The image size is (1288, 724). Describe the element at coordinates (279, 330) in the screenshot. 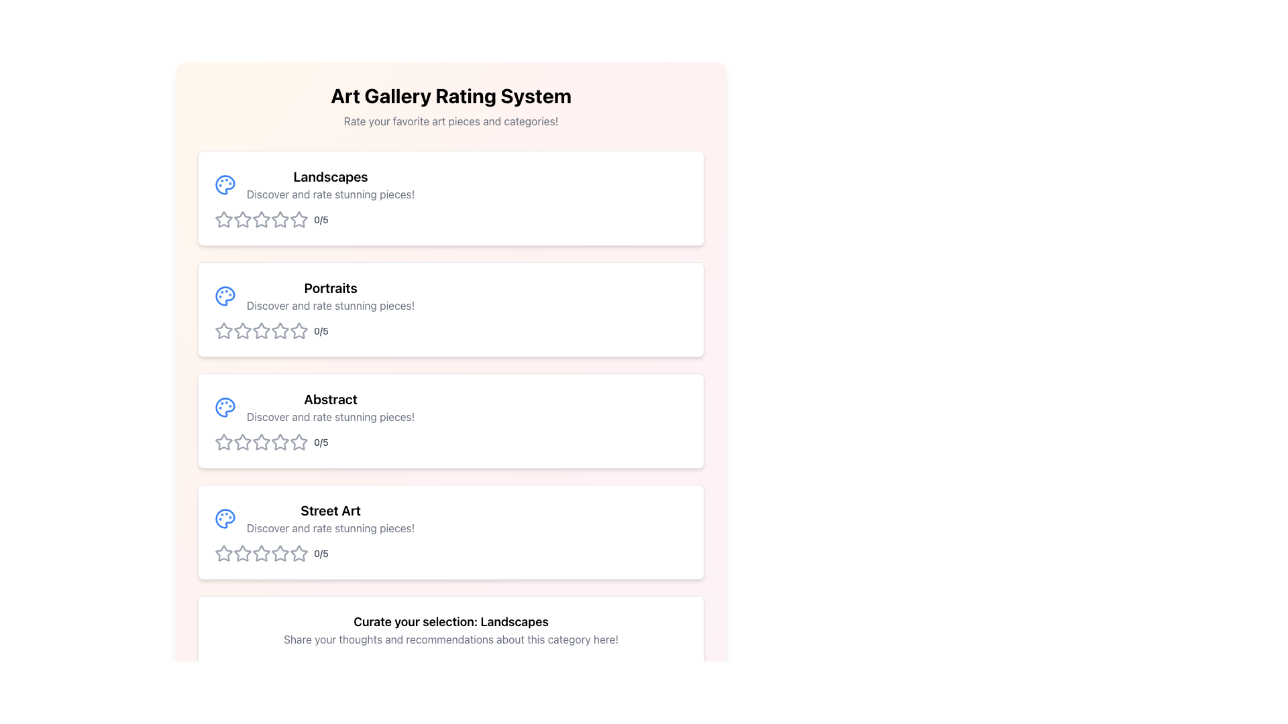

I see `the third star-shaped rating icon with a hollow center under the 'Portraits' category` at that location.